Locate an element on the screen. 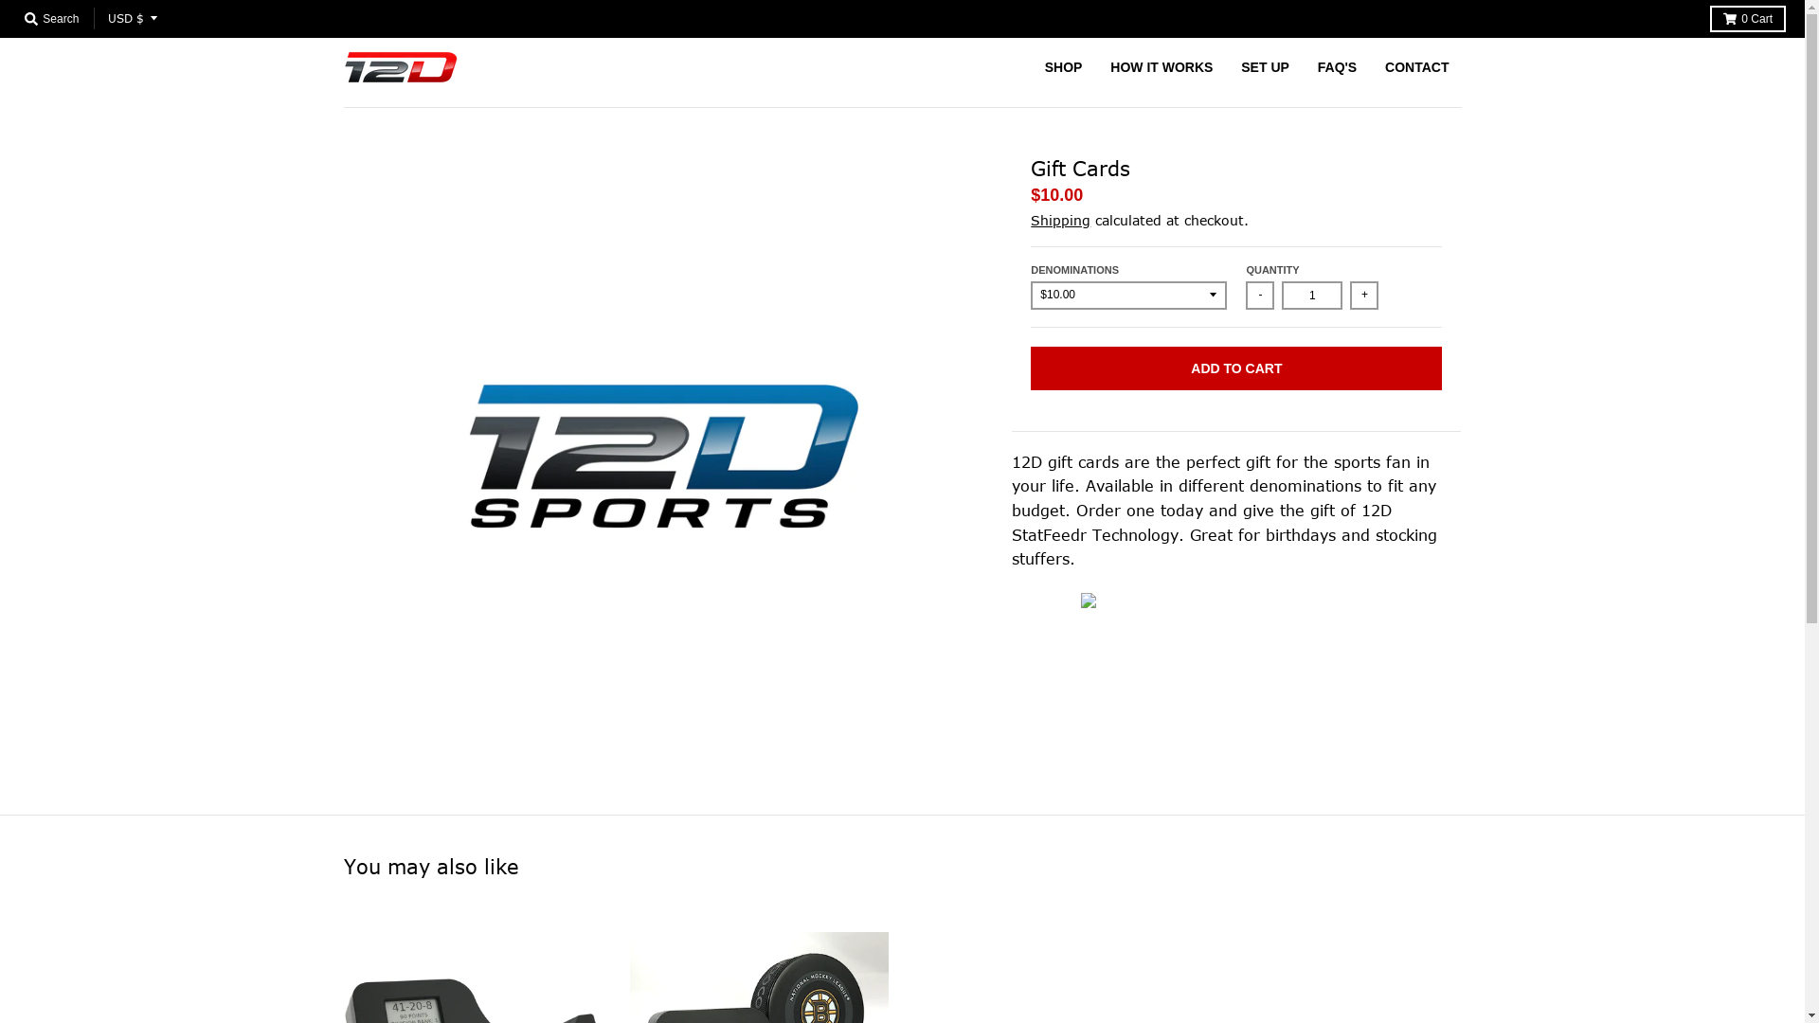  'FAQ'S' is located at coordinates (1336, 65).